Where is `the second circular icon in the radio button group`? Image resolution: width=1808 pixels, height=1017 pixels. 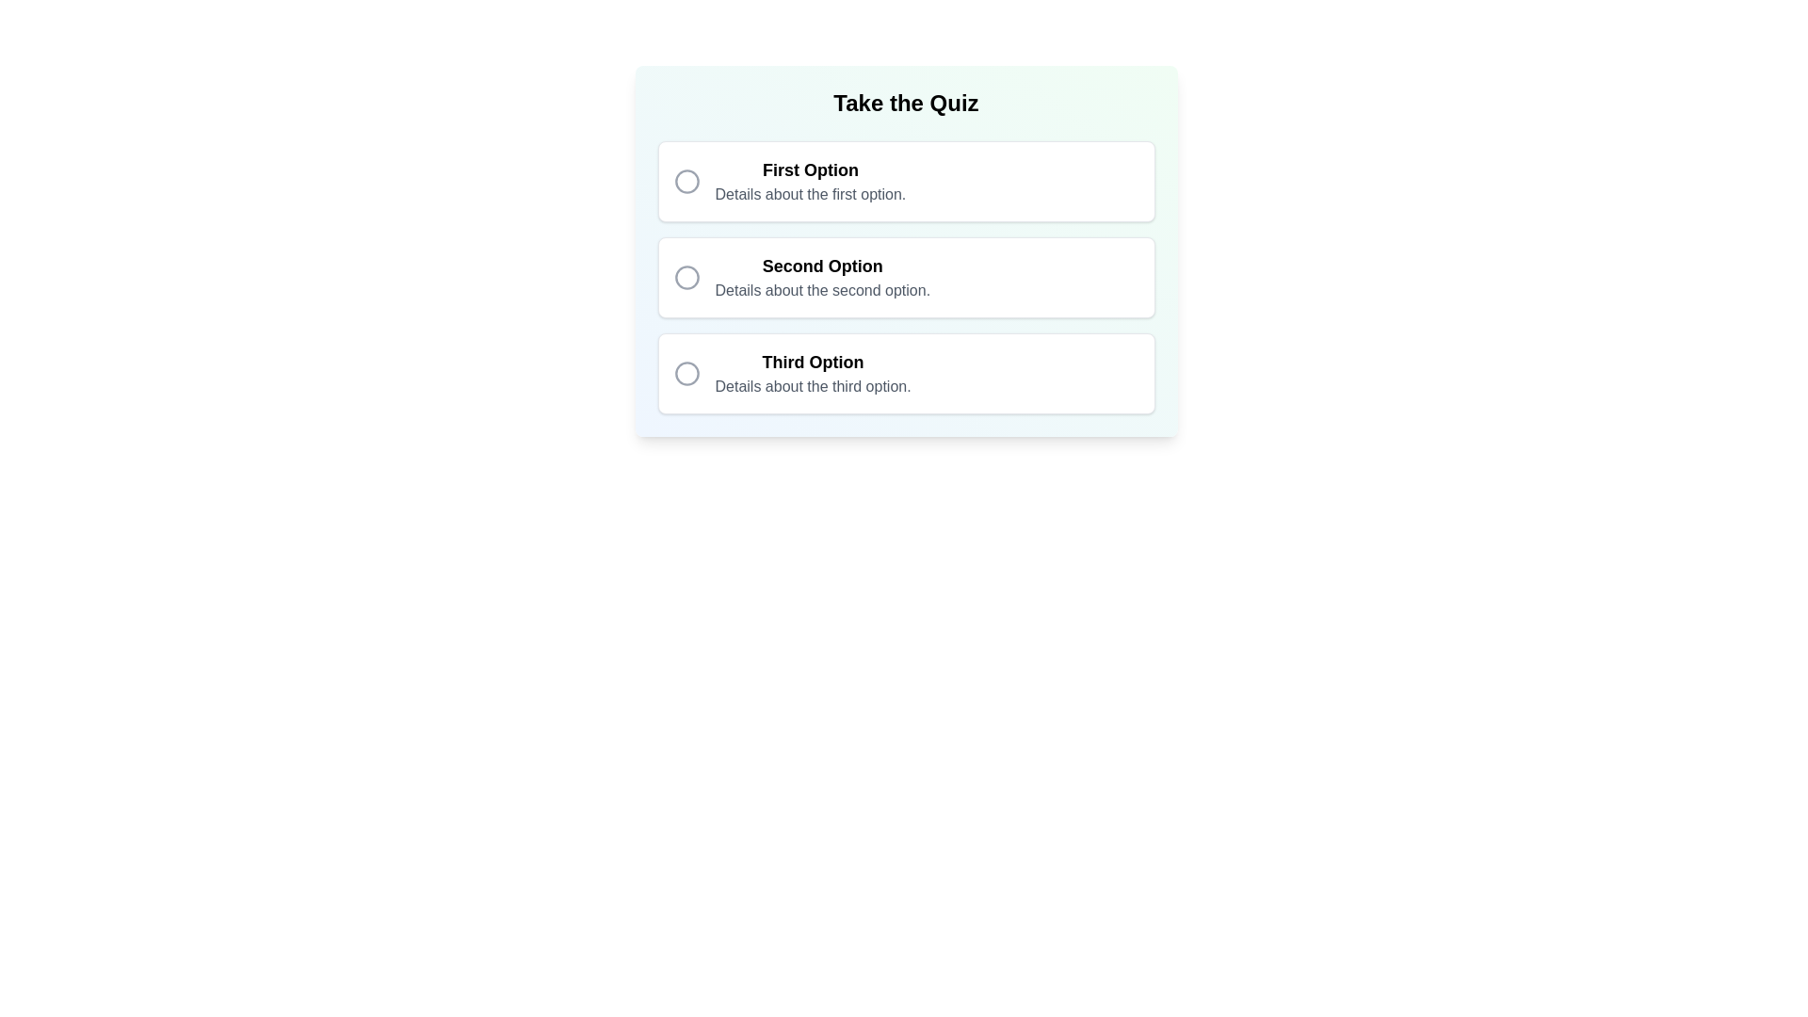 the second circular icon in the radio button group is located at coordinates (686, 277).